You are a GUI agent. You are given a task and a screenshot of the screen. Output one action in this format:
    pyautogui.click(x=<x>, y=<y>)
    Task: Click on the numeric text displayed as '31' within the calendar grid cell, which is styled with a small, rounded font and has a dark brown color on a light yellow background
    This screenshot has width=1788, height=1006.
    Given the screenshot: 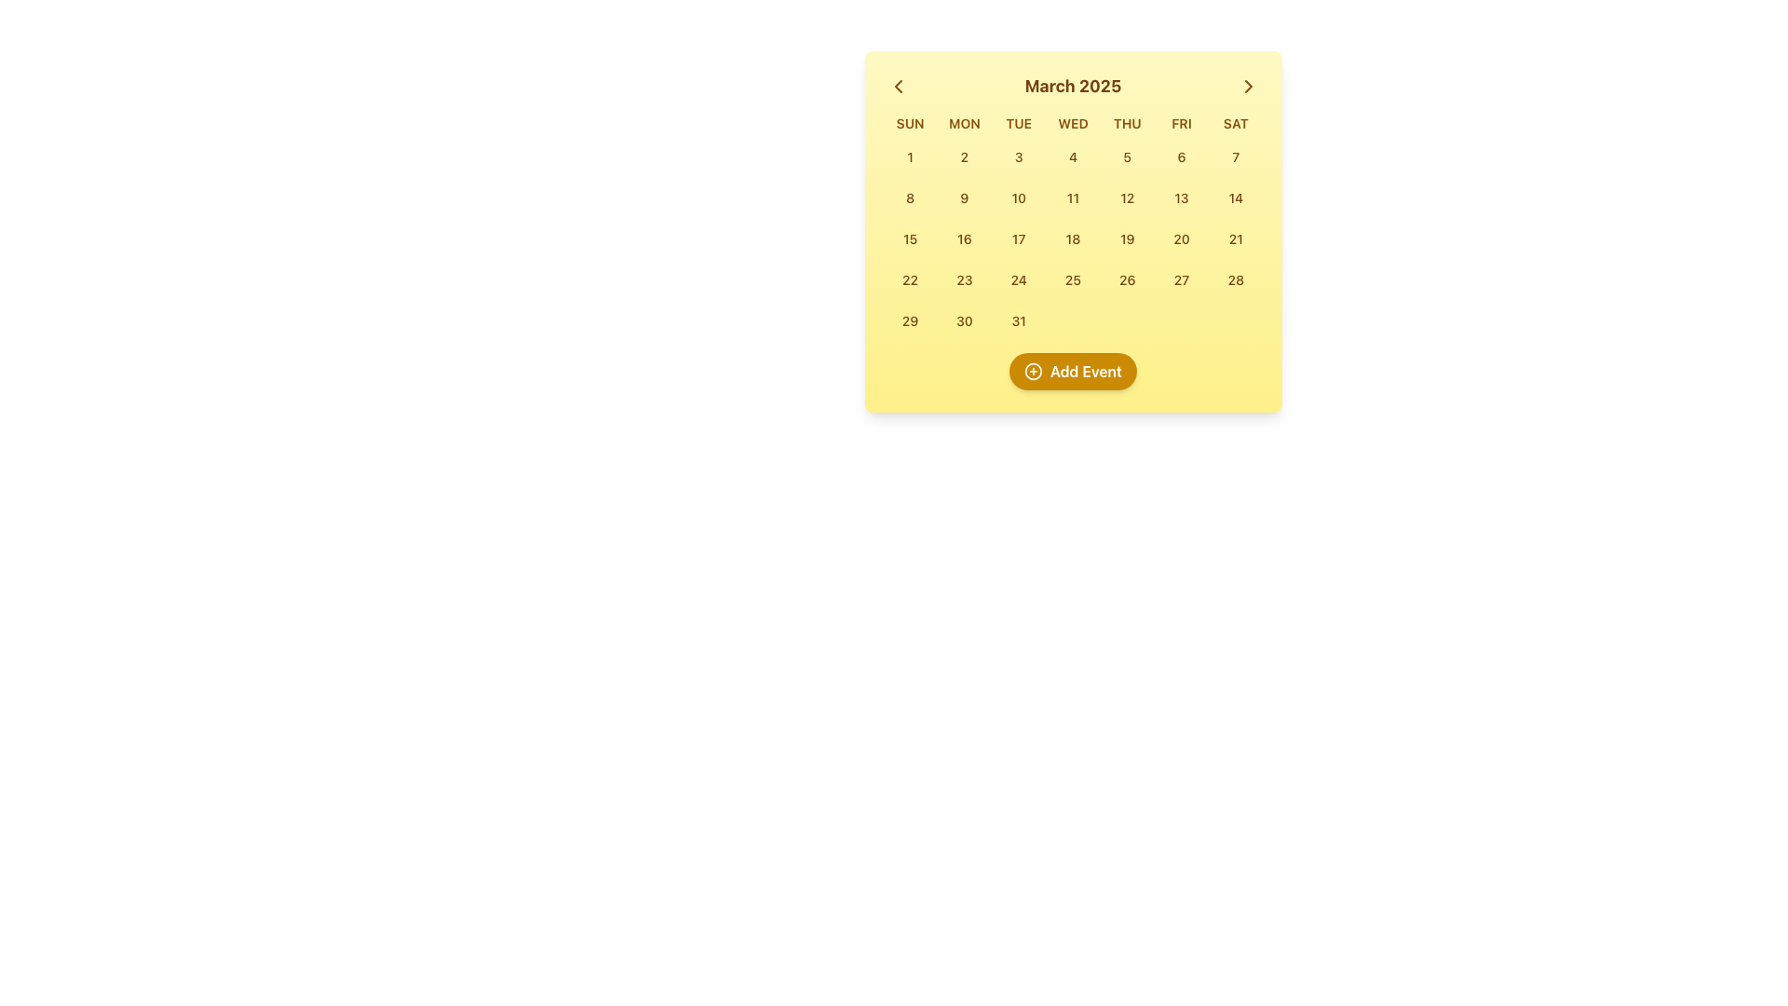 What is the action you would take?
    pyautogui.click(x=1018, y=319)
    